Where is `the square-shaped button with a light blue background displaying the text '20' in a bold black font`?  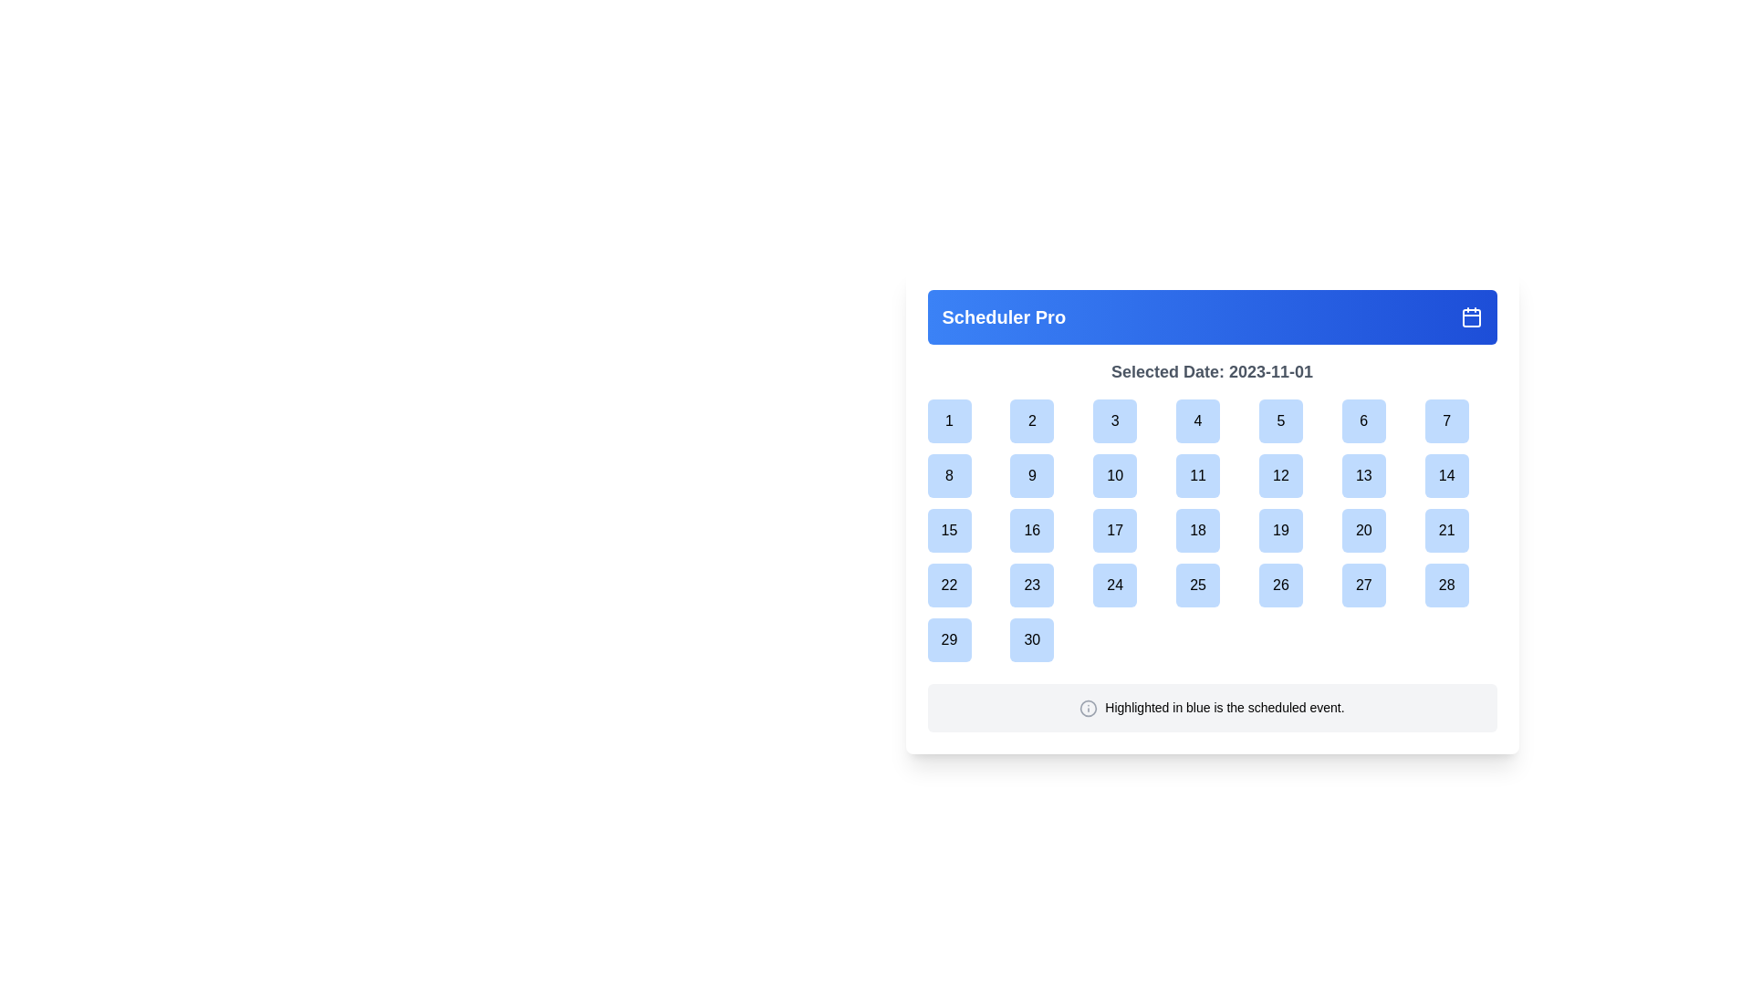 the square-shaped button with a light blue background displaying the text '20' in a bold black font is located at coordinates (1363, 531).